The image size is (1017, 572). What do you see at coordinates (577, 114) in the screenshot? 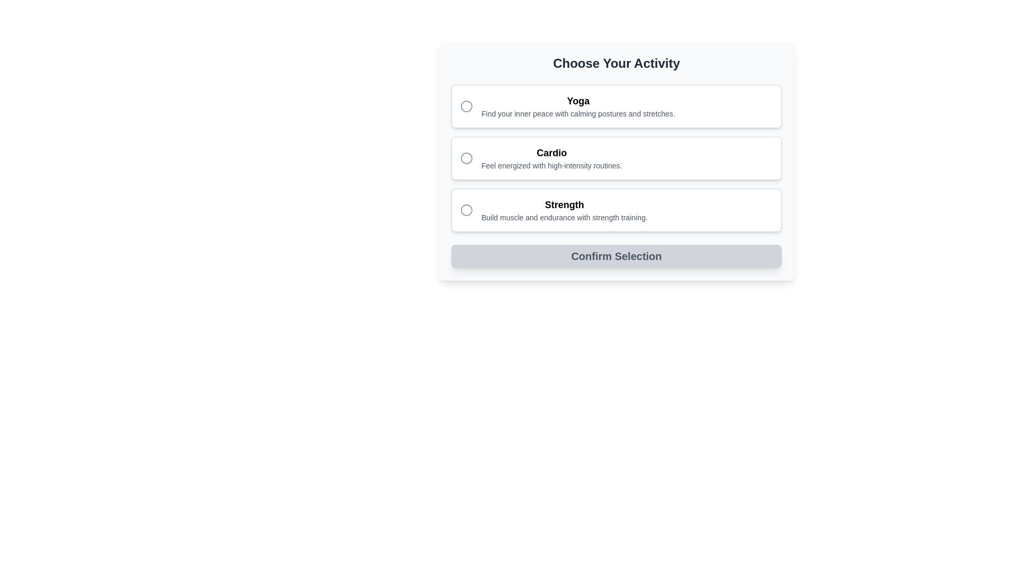
I see `the static text element that reads 'Find your inner peace with calming postures and stretches.' which is located directly beneath the 'Yoga' title` at bounding box center [577, 114].